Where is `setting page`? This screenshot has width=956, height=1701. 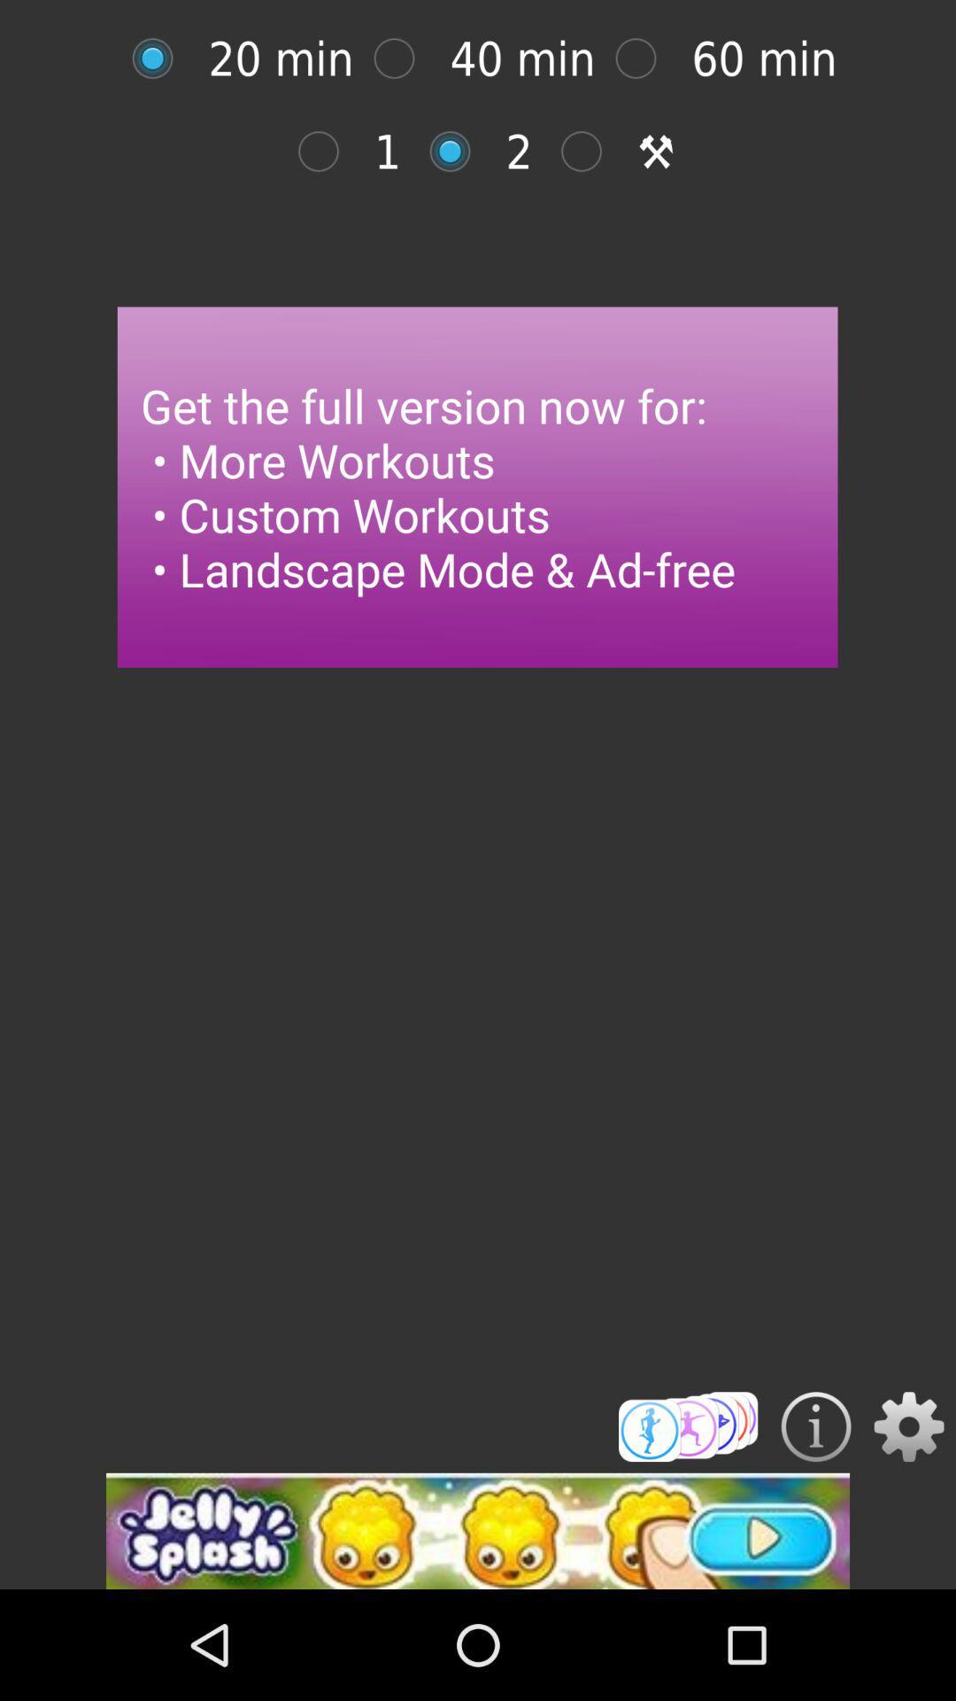 setting page is located at coordinates (161, 58).